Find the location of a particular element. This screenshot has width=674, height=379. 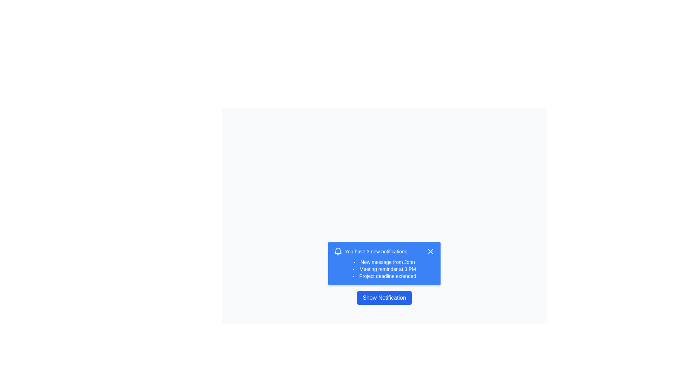

the close button icon, which is a small white diagonal cross located in the top-right corner of the blue notification panel is located at coordinates (430, 251).